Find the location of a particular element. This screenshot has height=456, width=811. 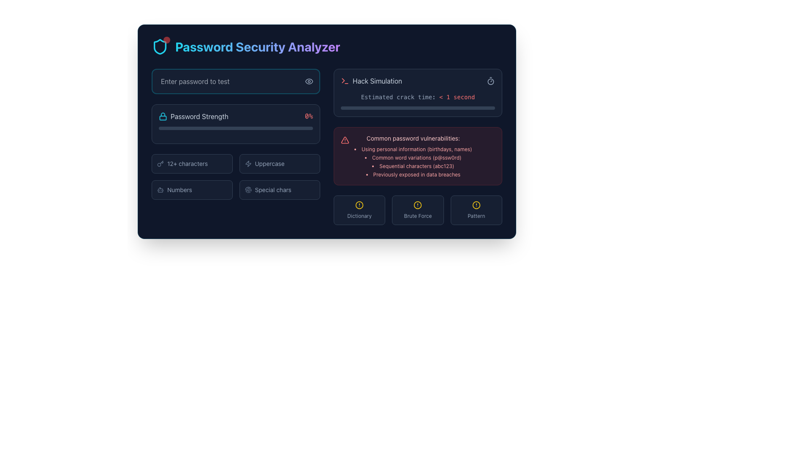

the static text indicating the password strength, currently showing '0%', positioned at the far-right of the 'Password Strength' section is located at coordinates (308, 117).